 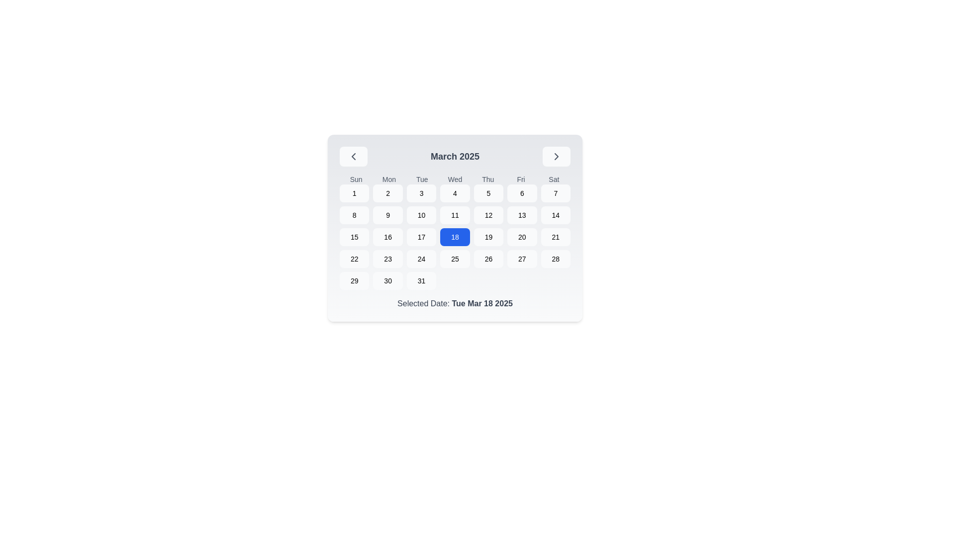 What do you see at coordinates (455, 258) in the screenshot?
I see `the day selection button representing the date '25' in the calendar interface` at bounding box center [455, 258].